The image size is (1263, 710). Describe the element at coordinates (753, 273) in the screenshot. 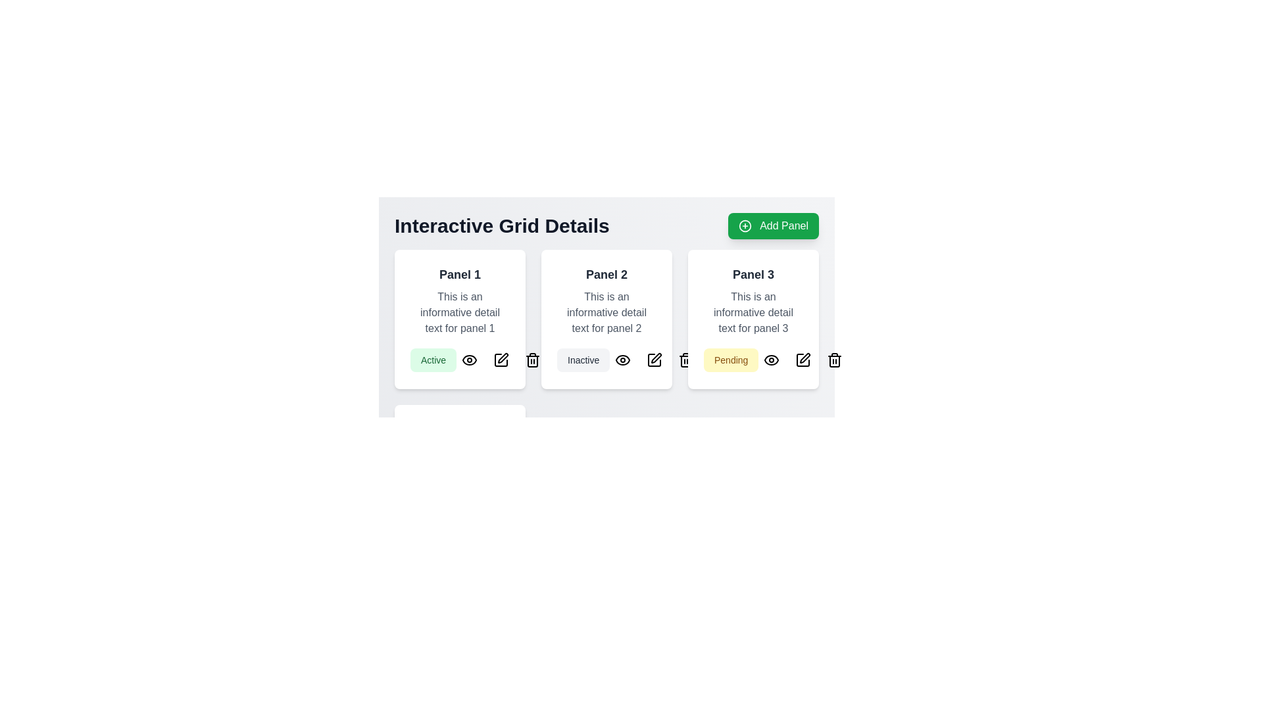

I see `the bold text label reading 'Panel 3' located at the top center of the card layout for 'Panel 3'` at that location.